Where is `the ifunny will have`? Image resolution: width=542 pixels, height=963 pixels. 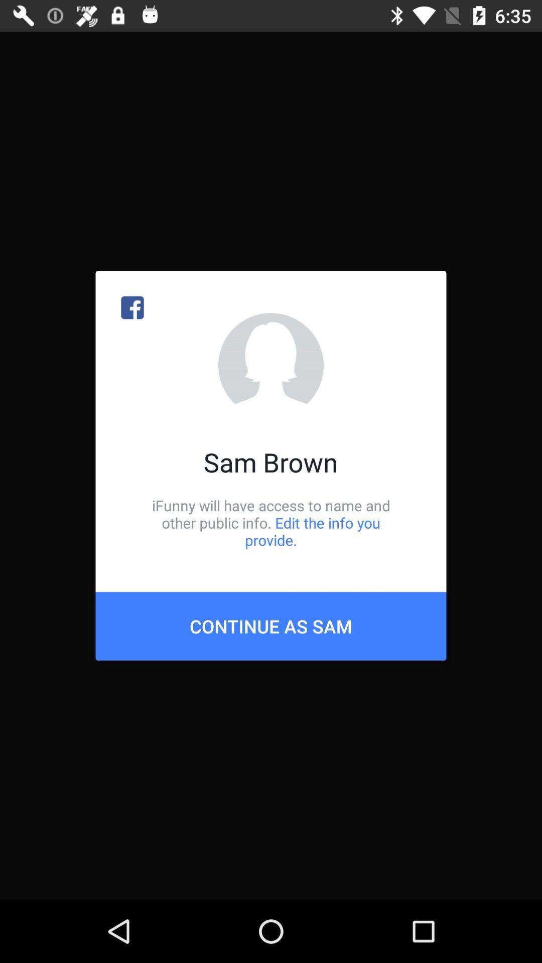
the ifunny will have is located at coordinates (271, 522).